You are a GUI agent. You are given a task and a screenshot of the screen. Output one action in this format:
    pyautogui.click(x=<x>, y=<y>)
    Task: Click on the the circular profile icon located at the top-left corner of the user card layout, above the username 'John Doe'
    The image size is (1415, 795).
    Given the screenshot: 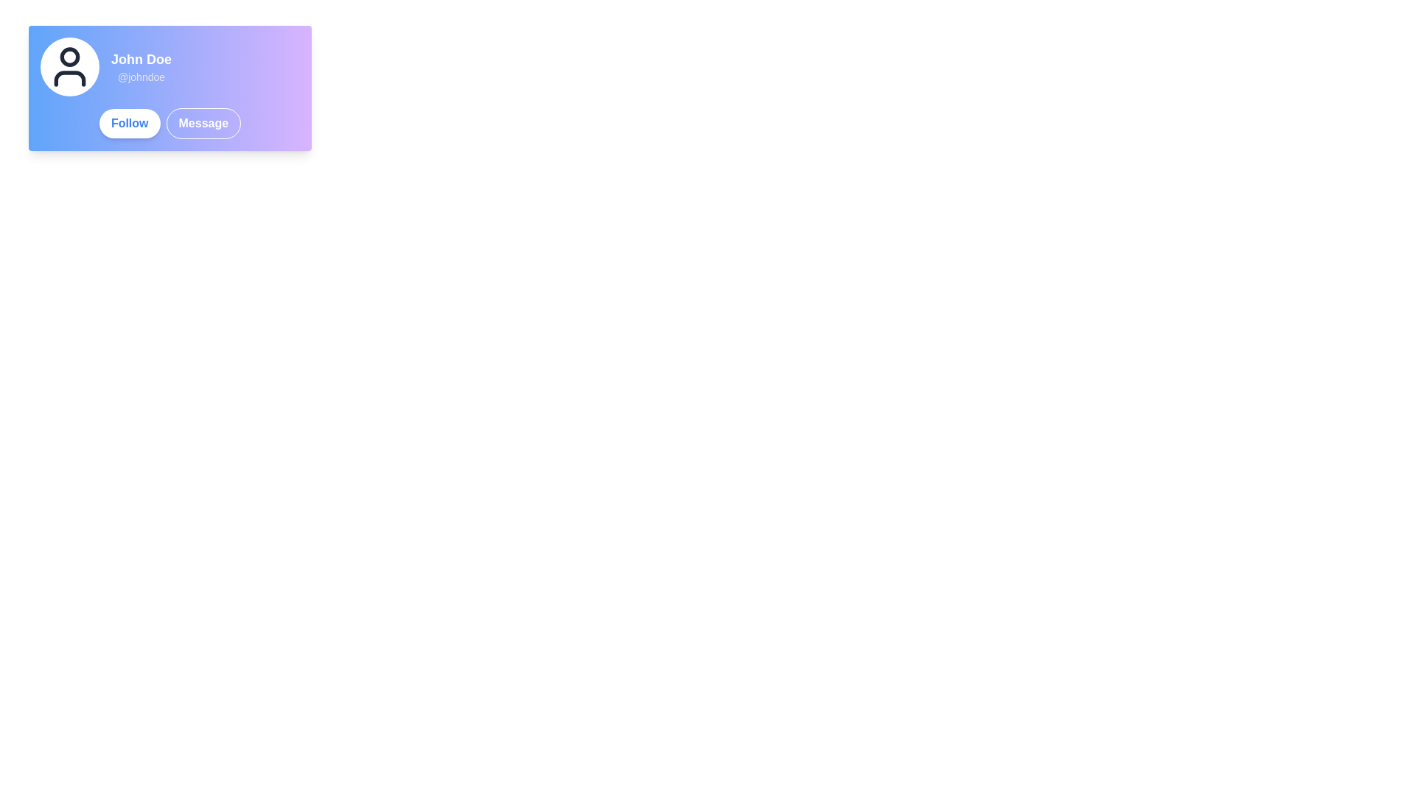 What is the action you would take?
    pyautogui.click(x=69, y=56)
    